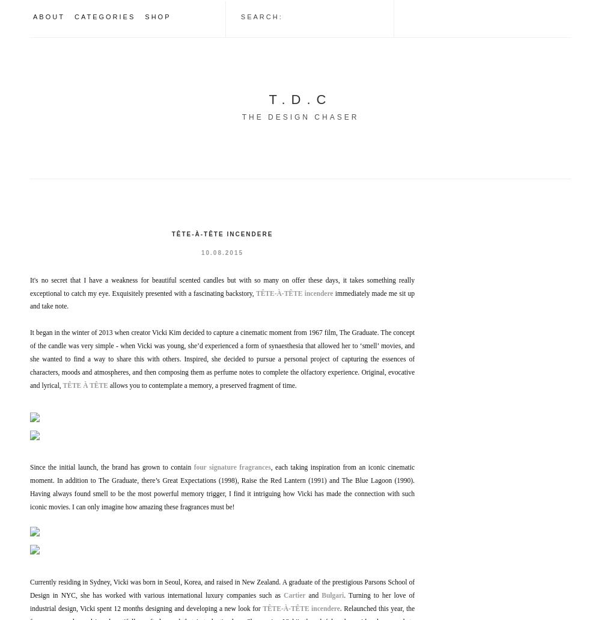 This screenshot has width=601, height=620. Describe the element at coordinates (62, 385) in the screenshot. I see `'TÊTE À TÊTE'` at that location.